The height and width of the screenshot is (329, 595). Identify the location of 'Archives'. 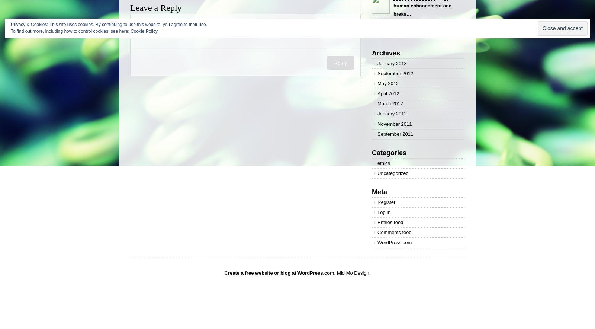
(372, 52).